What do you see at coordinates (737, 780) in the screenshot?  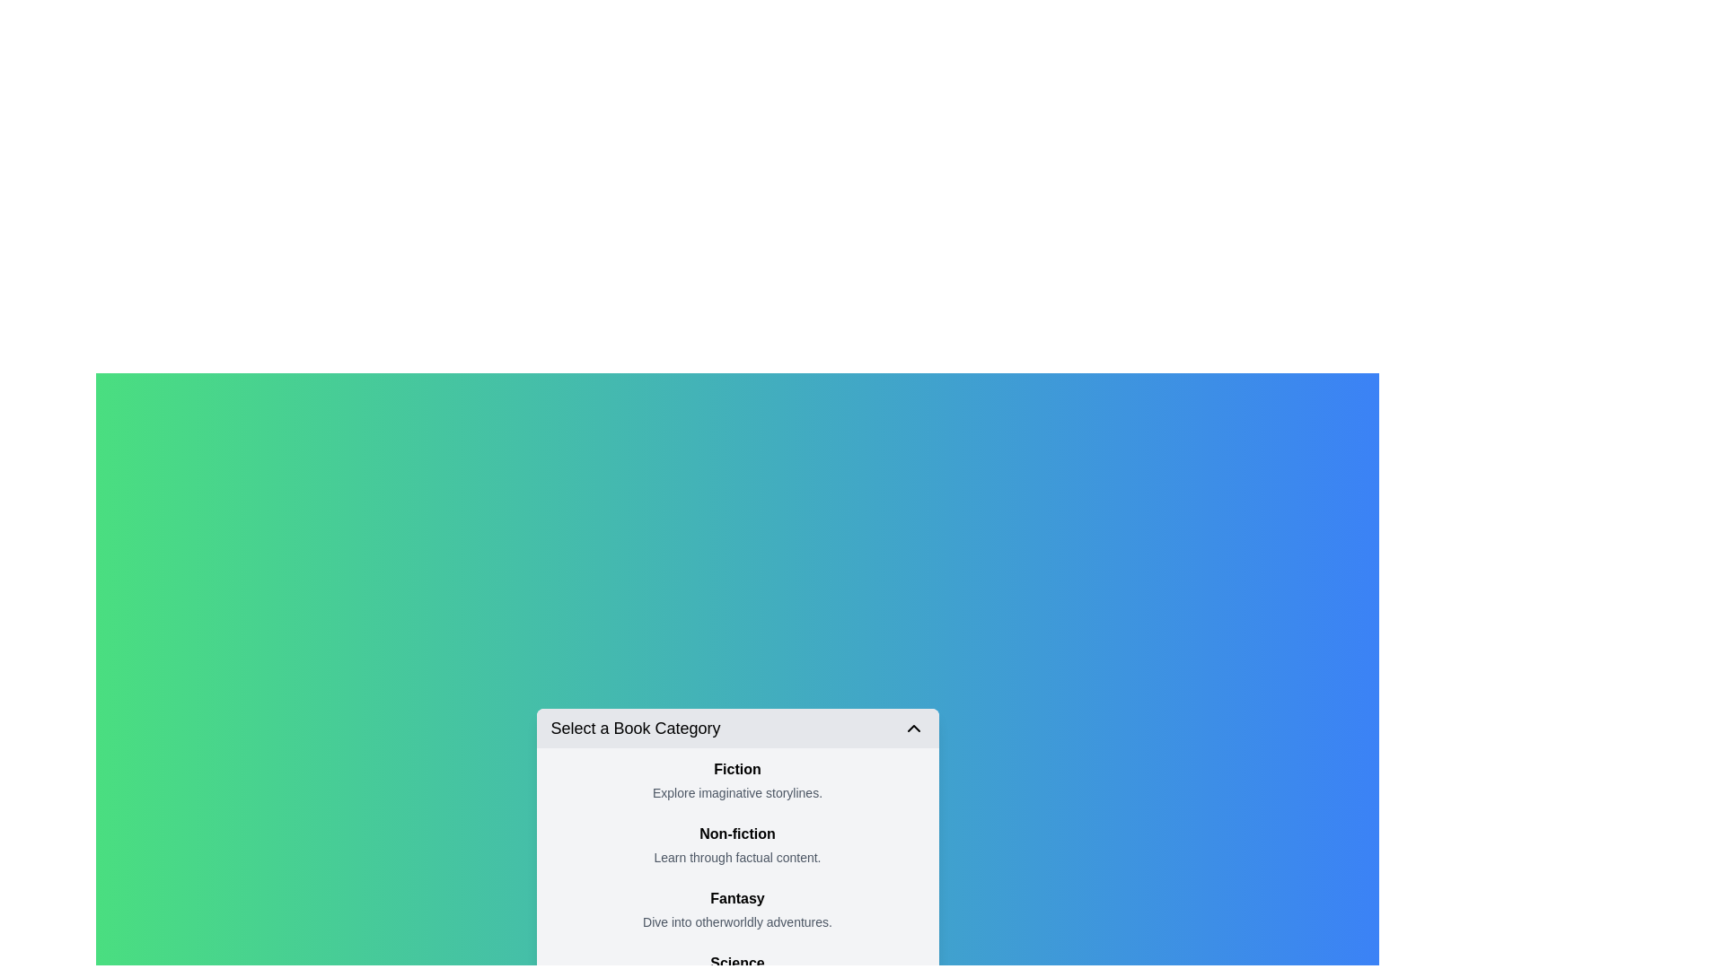 I see `the 'Fiction' button, which is the first entry in a list of book categories, featuring a bold title and a light gray background` at bounding box center [737, 780].